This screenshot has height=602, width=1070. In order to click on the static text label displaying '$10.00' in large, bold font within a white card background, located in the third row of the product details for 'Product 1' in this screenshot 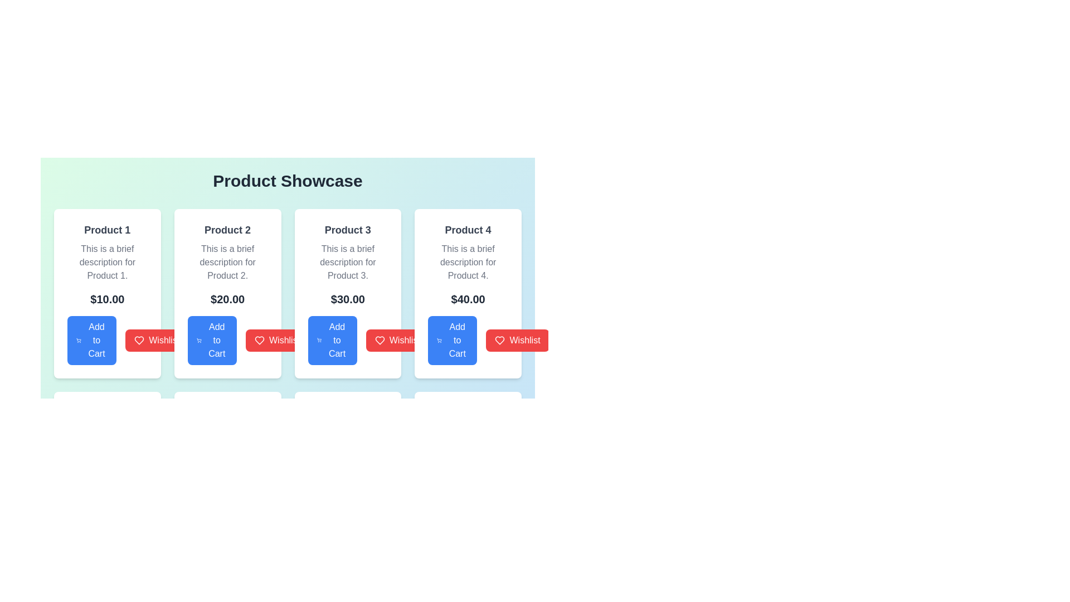, I will do `click(107, 298)`.